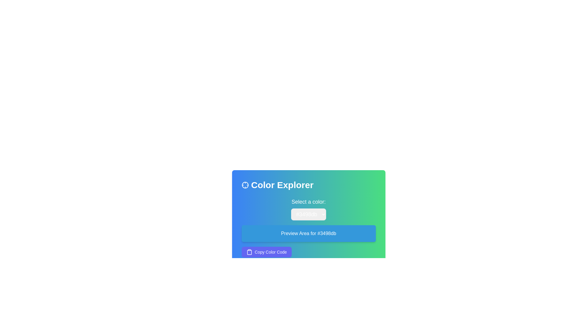 The image size is (575, 323). What do you see at coordinates (245, 185) in the screenshot?
I see `the circular crosshair icon in the Color Explorer section header` at bounding box center [245, 185].